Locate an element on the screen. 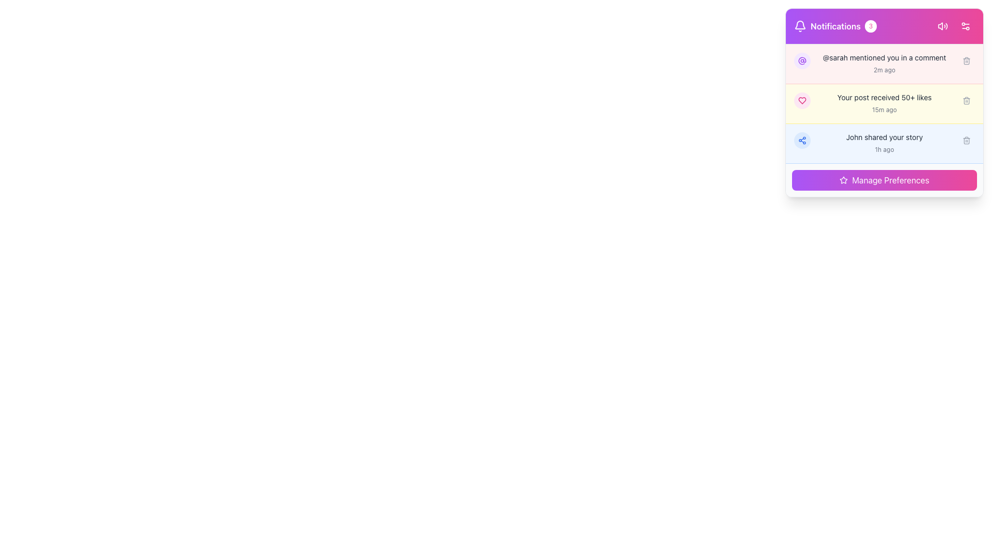  the Notification Indicator, which is a bell icon with a badge displaying unread notifications, located in the header of the notification panel is located at coordinates (835, 25).